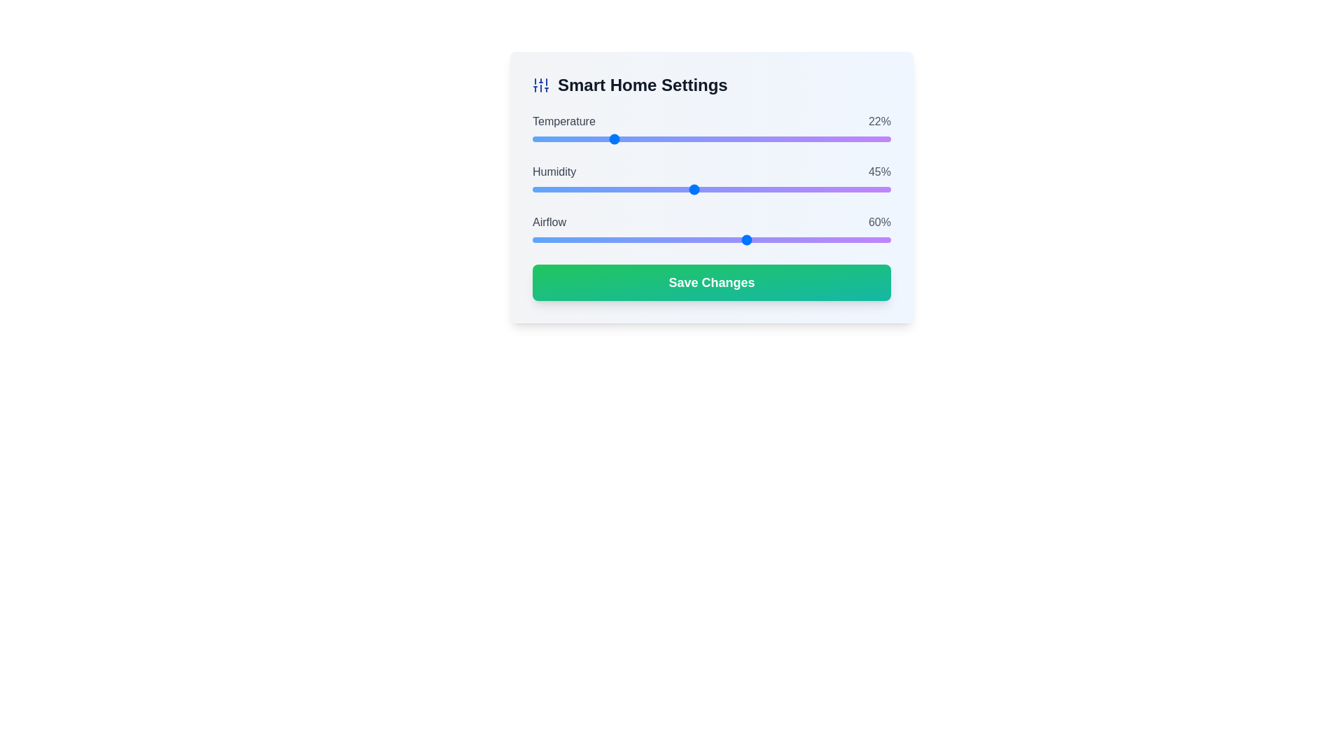  I want to click on the Text Label displaying the percentage value for 'Temperature', located in the top-right corner adjacent to the 'Temperature' label, so click(879, 120).